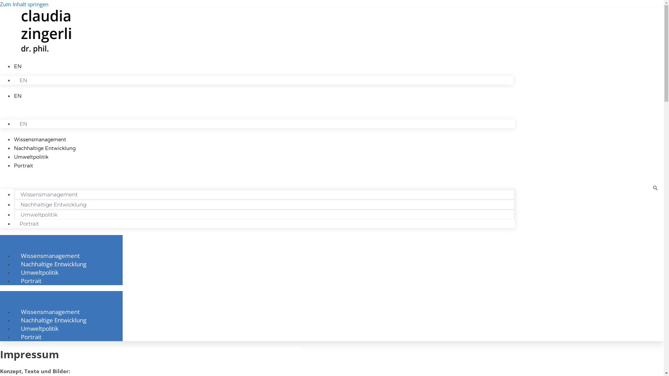 This screenshot has height=376, width=669. What do you see at coordinates (14, 148) in the screenshot?
I see `'Nachhaltige Entwicklung'` at bounding box center [14, 148].